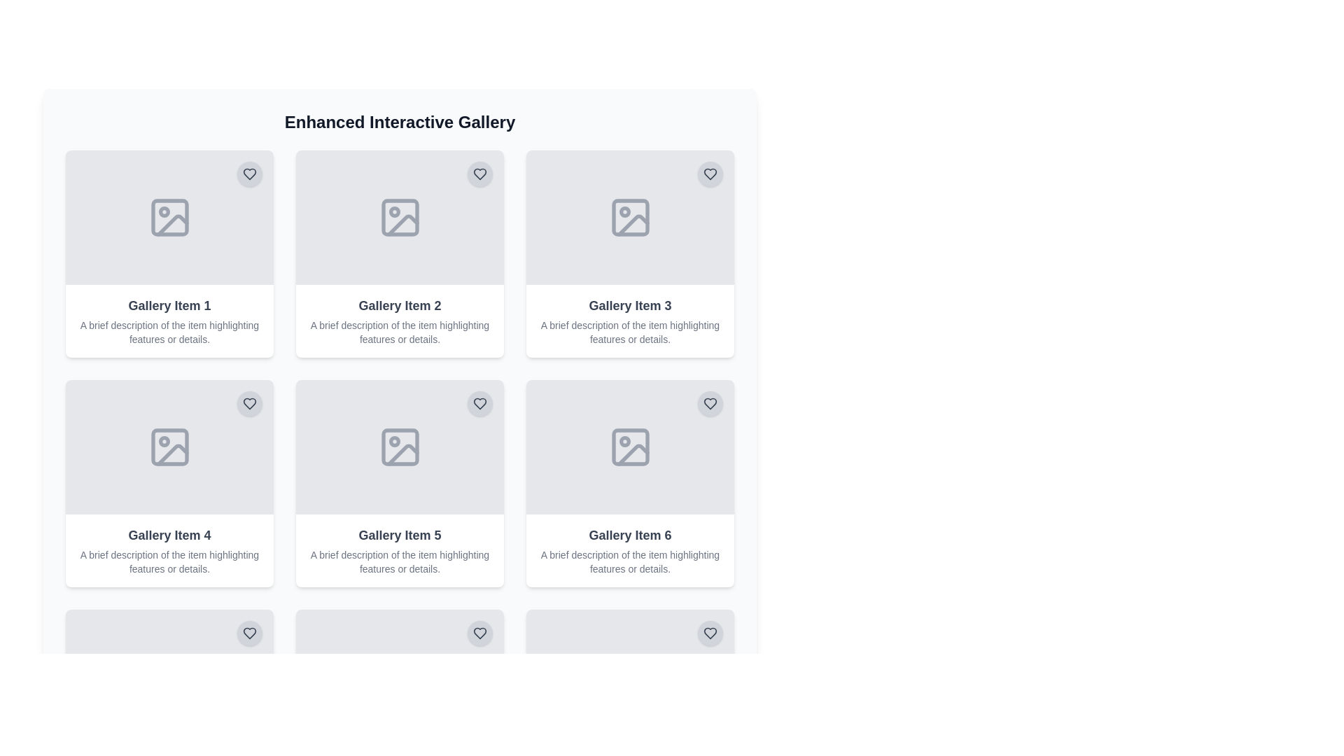 This screenshot has width=1344, height=756. Describe the element at coordinates (399, 218) in the screenshot. I see `the Image icon or placeholder located in the second gallery item of the interactive gallery grid layout, positioned in the top row, second column` at that location.